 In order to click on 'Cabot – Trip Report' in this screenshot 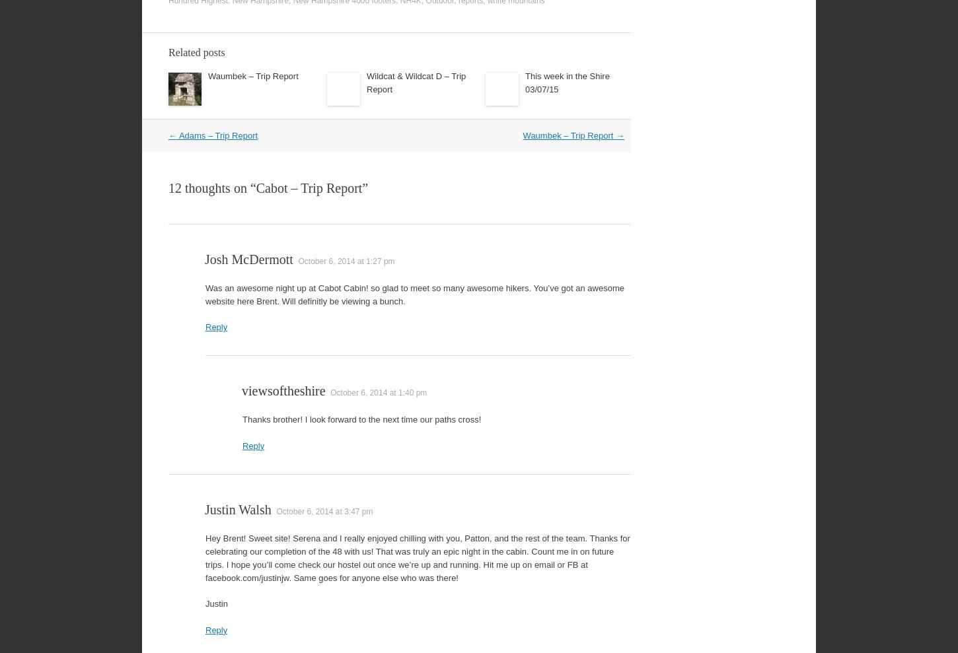, I will do `click(255, 188)`.